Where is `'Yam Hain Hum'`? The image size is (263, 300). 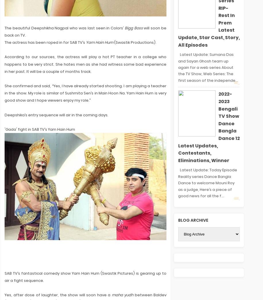
'Yam Hain Hum' is located at coordinates (99, 42).